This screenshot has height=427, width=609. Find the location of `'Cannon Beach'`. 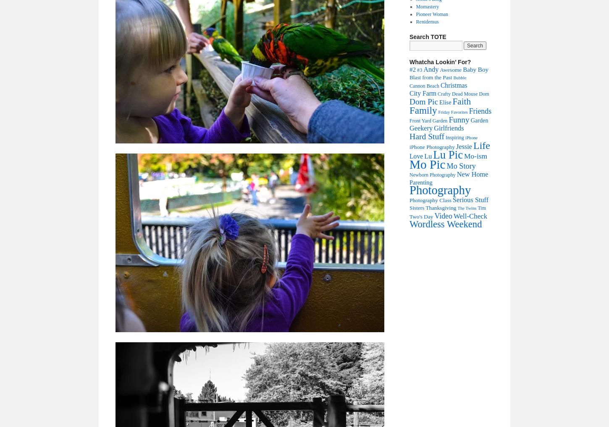

'Cannon Beach' is located at coordinates (424, 86).